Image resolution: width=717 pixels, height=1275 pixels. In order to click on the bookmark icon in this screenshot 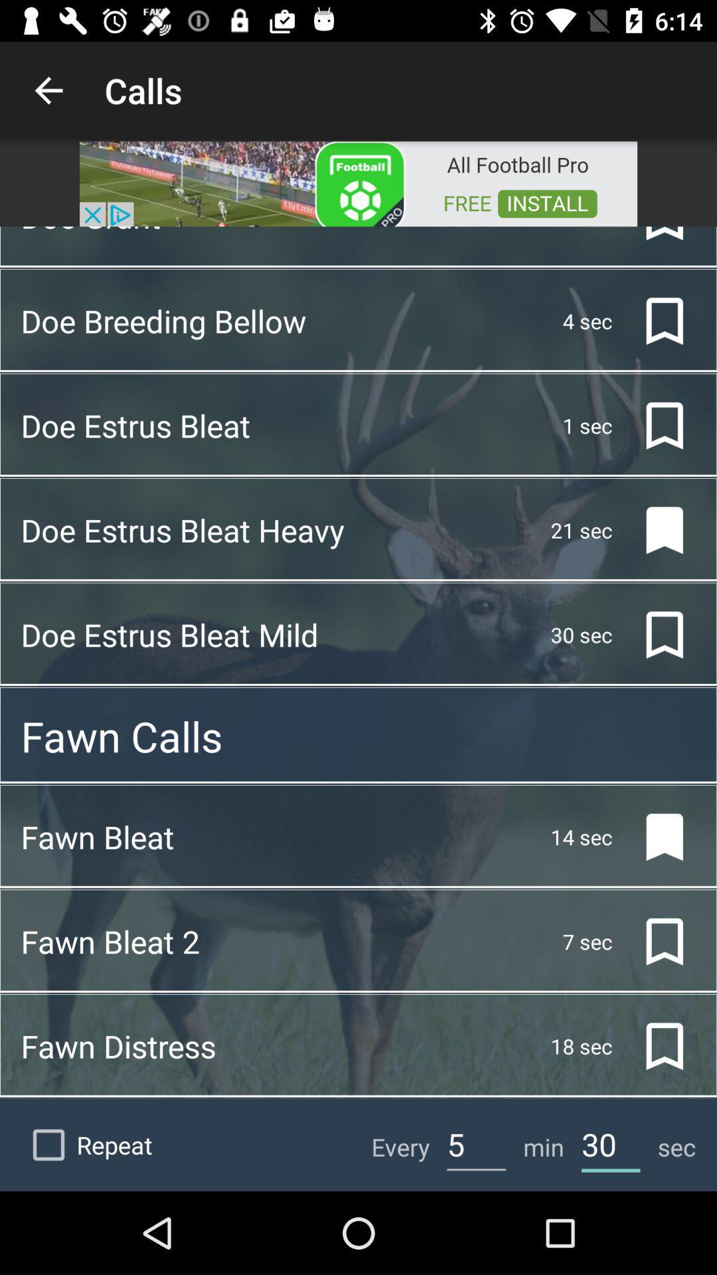, I will do `click(653, 941)`.